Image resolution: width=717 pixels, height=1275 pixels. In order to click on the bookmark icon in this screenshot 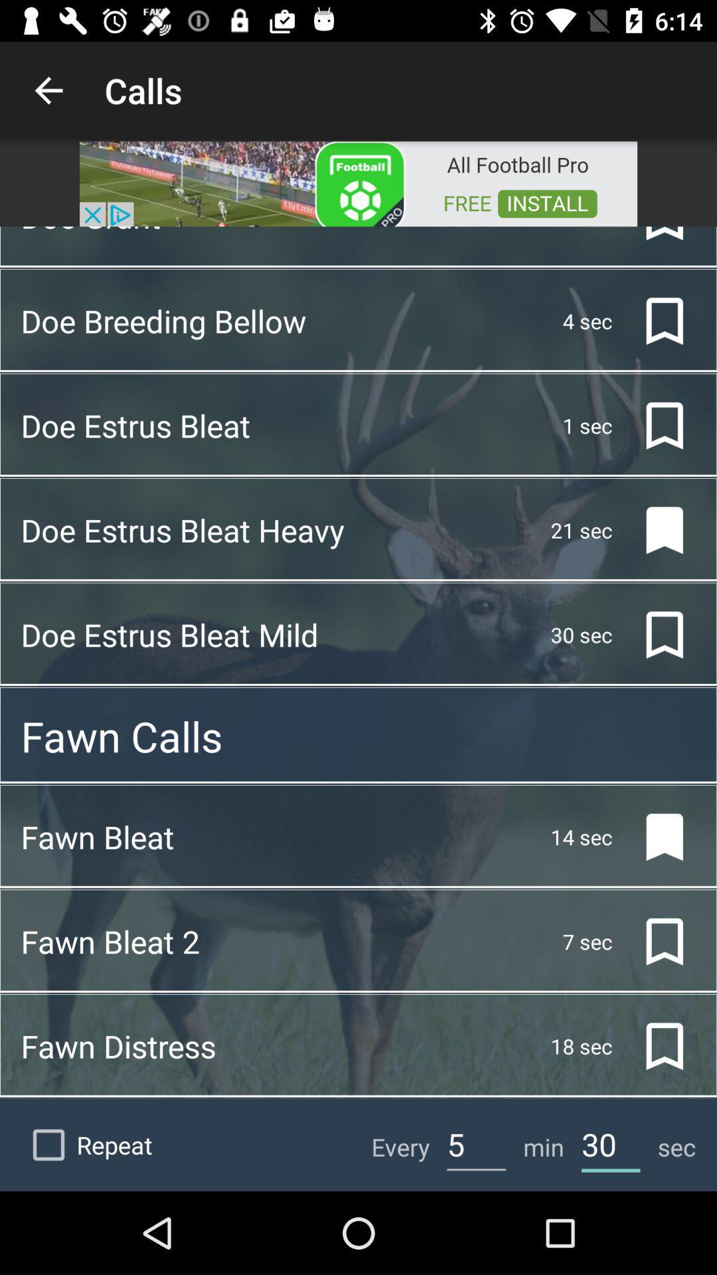, I will do `click(653, 941)`.